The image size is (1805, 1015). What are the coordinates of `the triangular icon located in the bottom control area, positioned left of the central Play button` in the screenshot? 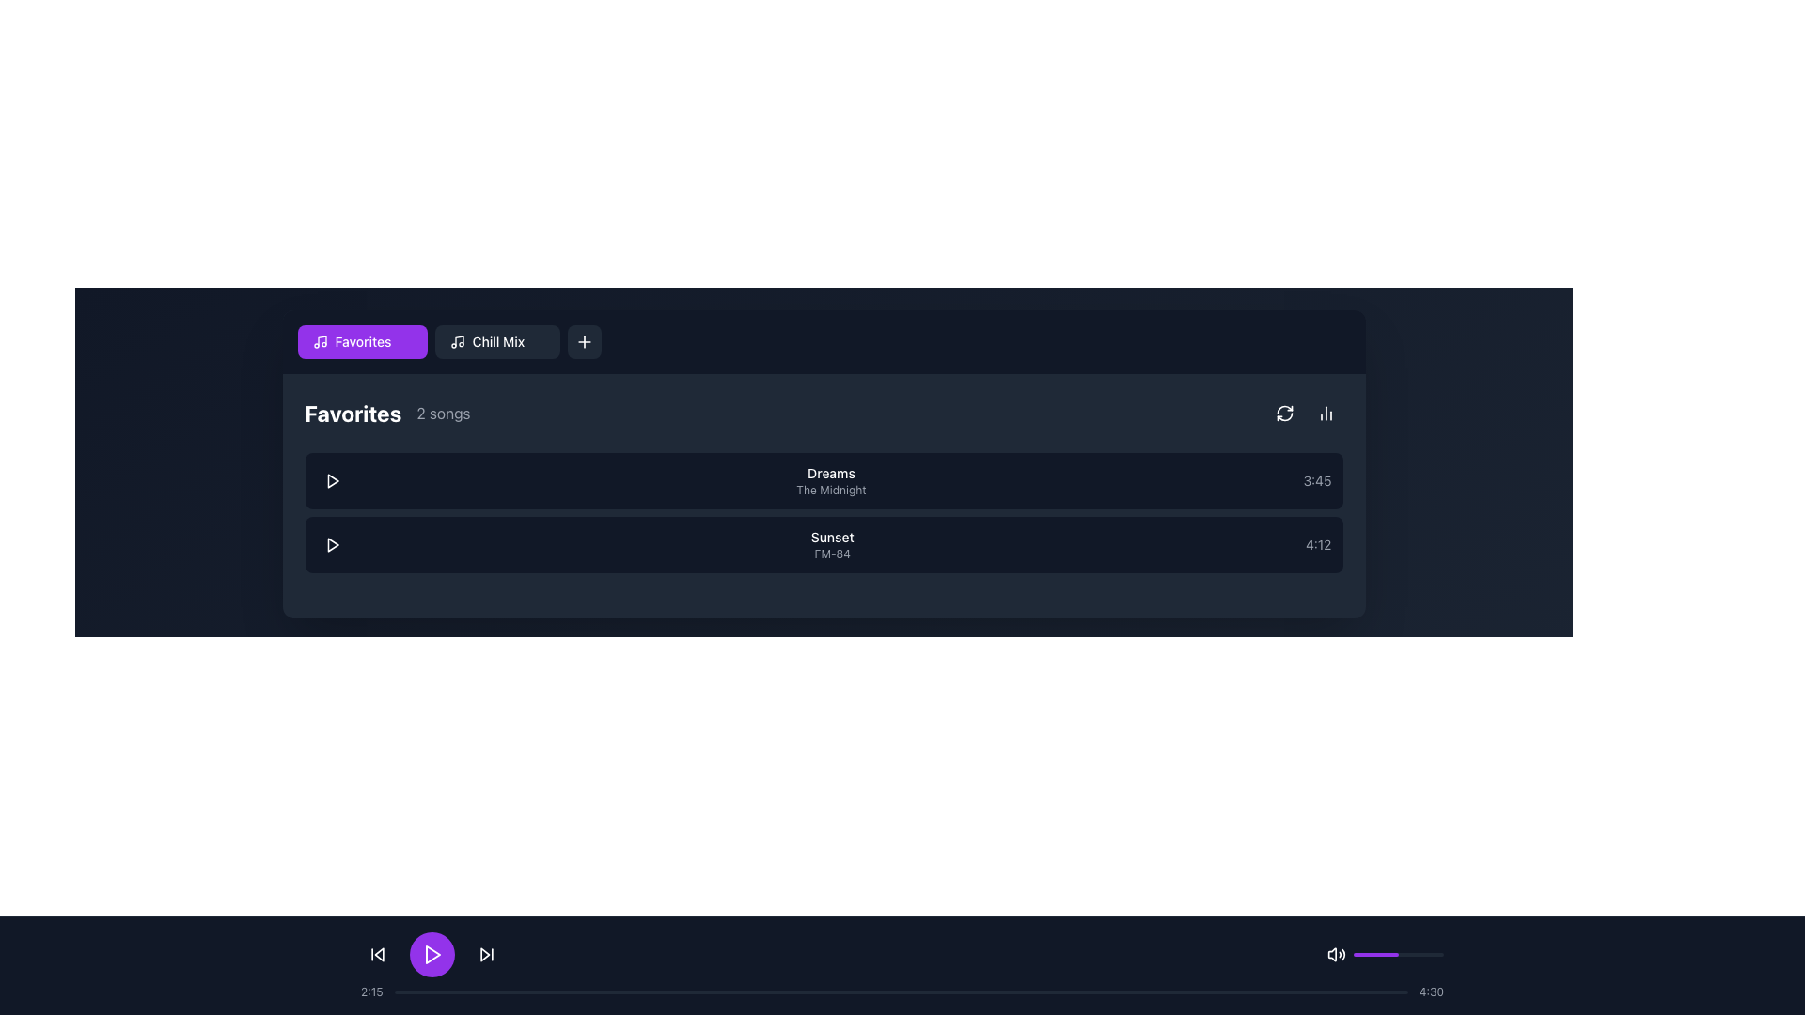 It's located at (378, 954).